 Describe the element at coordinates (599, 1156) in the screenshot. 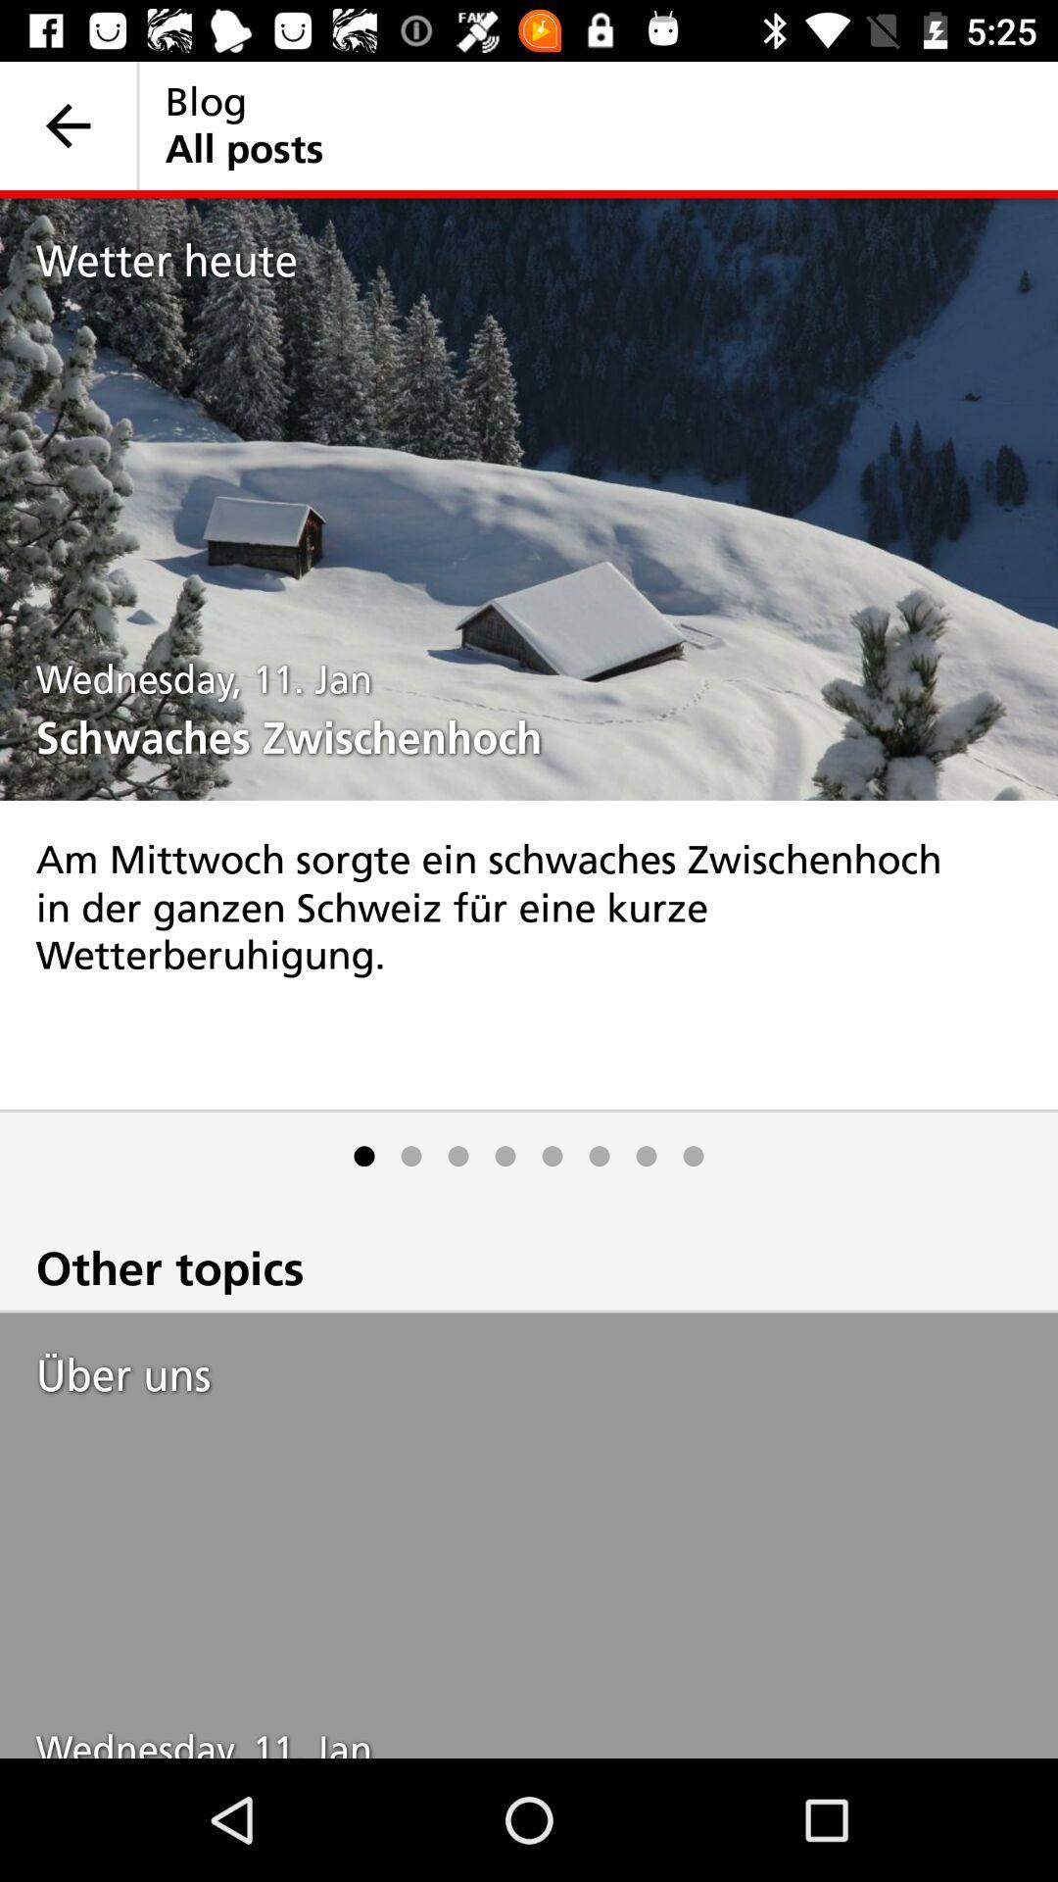

I see `the icon below am mittwoch sorgte icon` at that location.